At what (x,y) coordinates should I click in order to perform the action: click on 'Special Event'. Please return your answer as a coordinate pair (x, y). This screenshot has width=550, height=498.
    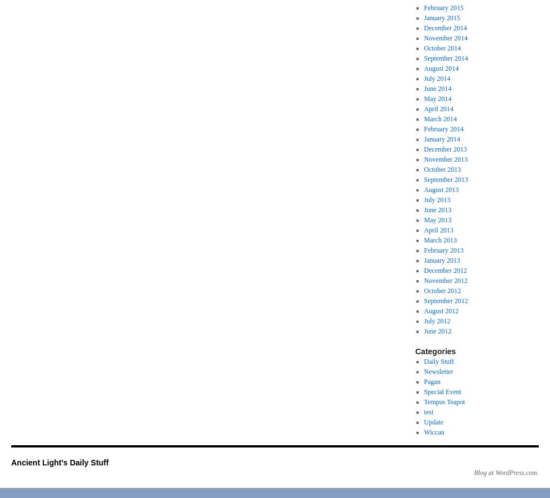
    Looking at the image, I should click on (423, 391).